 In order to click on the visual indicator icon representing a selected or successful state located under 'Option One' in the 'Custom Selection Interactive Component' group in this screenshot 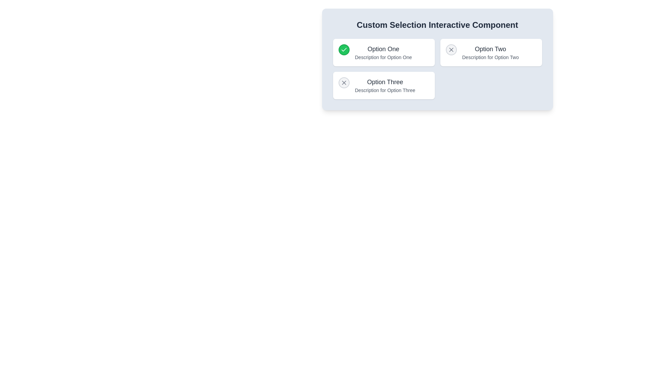, I will do `click(344, 49)`.